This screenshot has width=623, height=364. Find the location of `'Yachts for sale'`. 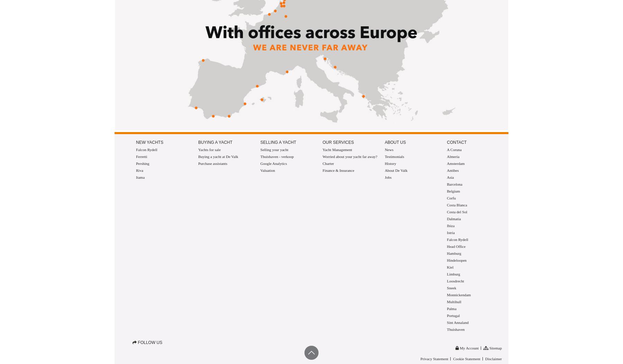

'Yachts for sale' is located at coordinates (209, 149).